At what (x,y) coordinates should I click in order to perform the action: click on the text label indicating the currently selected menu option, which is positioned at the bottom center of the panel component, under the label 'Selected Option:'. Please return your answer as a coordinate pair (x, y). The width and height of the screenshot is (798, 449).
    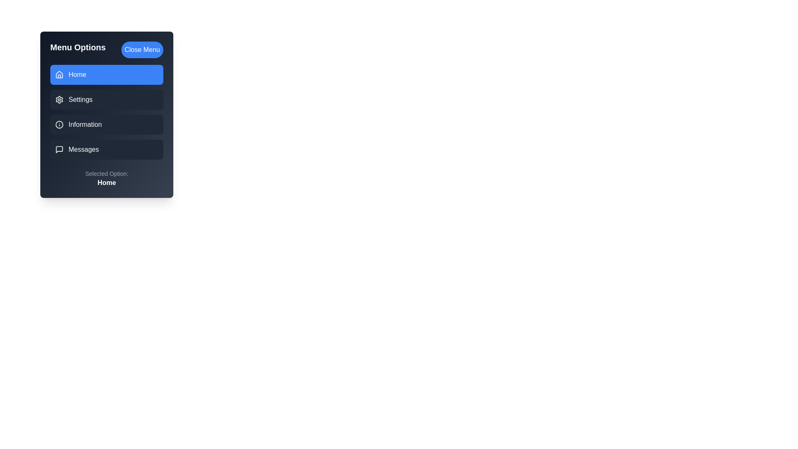
    Looking at the image, I should click on (106, 182).